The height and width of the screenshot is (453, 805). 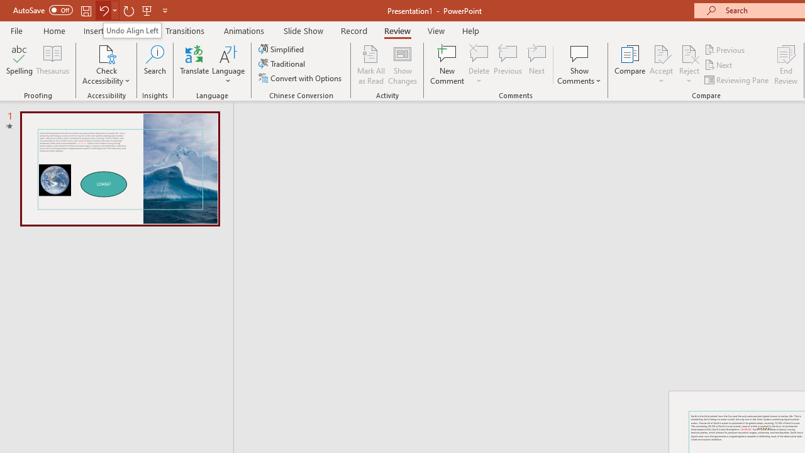 I want to click on 'Compare', so click(x=630, y=65).